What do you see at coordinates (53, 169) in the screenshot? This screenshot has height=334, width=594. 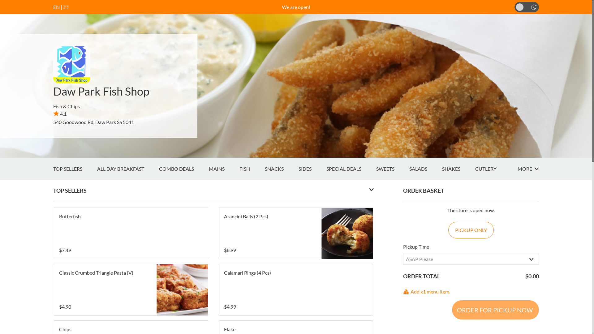 I see `'TOP SELLERS'` at bounding box center [53, 169].